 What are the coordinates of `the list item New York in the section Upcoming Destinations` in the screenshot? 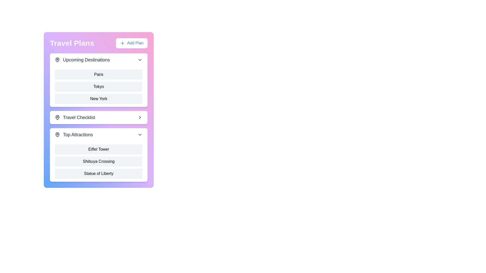 It's located at (98, 99).